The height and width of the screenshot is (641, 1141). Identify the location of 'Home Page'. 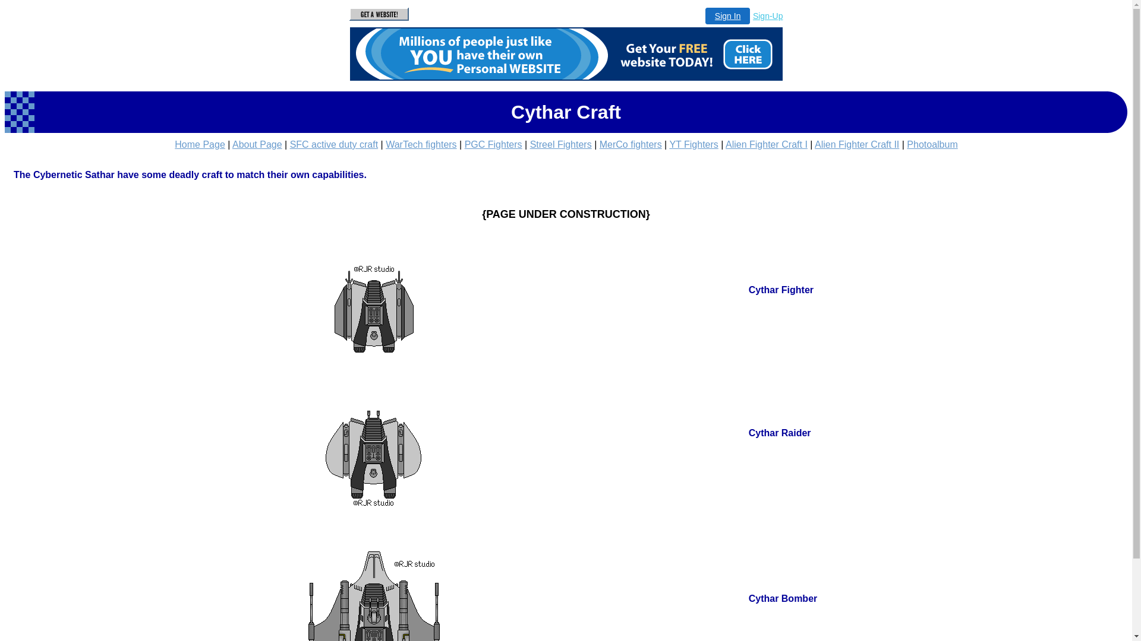
(200, 144).